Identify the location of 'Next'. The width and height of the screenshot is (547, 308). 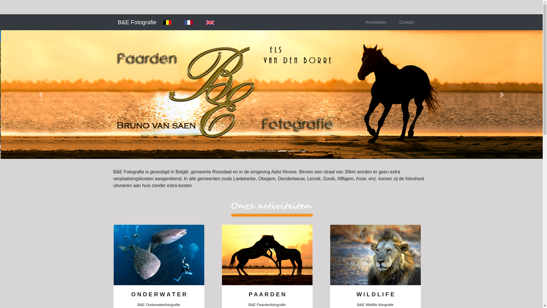
(502, 94).